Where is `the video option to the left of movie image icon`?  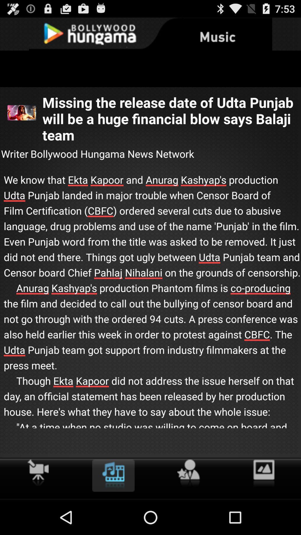
the video option to the left of movie image icon is located at coordinates (38, 472).